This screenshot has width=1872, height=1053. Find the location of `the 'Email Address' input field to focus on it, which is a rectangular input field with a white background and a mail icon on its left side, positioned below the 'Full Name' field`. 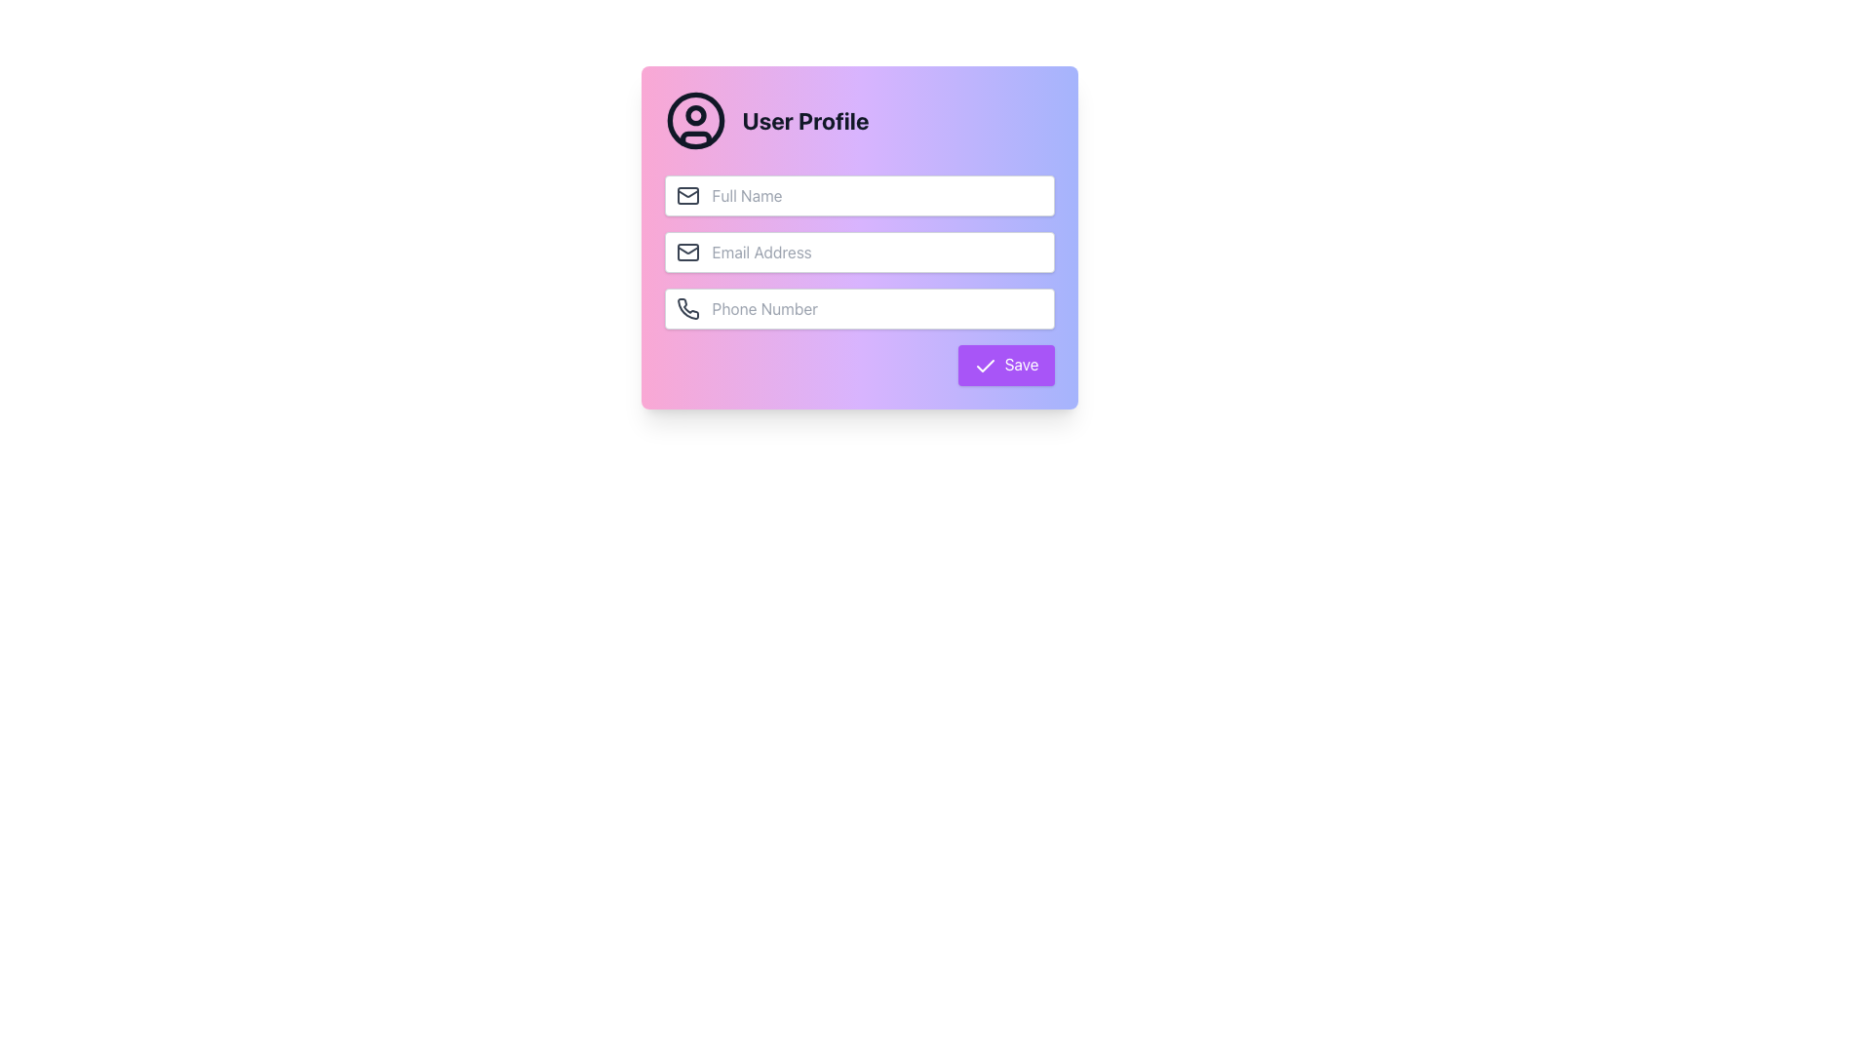

the 'Email Address' input field to focus on it, which is a rectangular input field with a white background and a mail icon on its left side, positioned below the 'Full Name' field is located at coordinates (858, 236).